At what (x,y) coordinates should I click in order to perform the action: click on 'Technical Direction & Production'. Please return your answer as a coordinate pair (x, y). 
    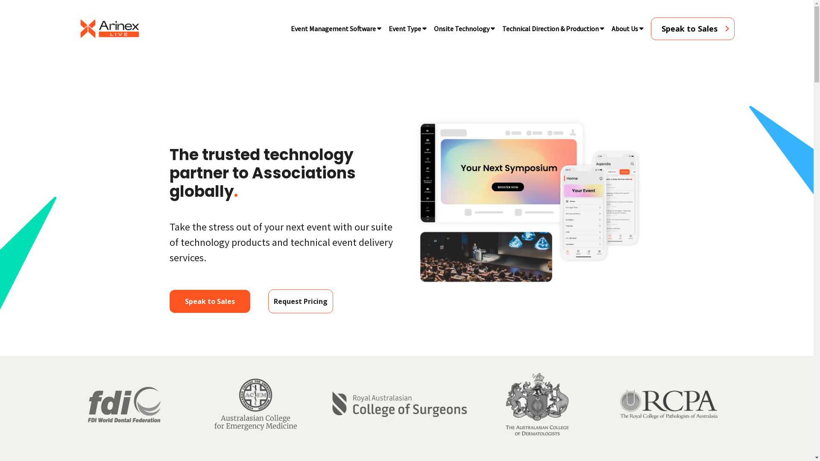
    Looking at the image, I should click on (550, 28).